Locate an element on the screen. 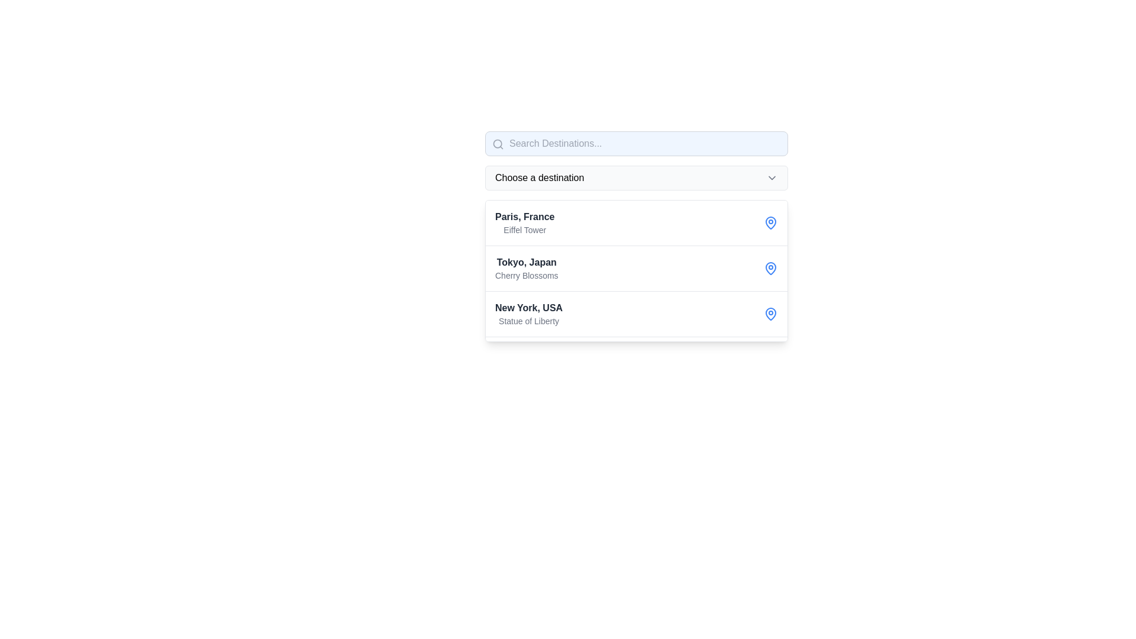  the Text Label for 'New York, USA' which is the first line in the dropdown list under the third group is located at coordinates (528, 307).